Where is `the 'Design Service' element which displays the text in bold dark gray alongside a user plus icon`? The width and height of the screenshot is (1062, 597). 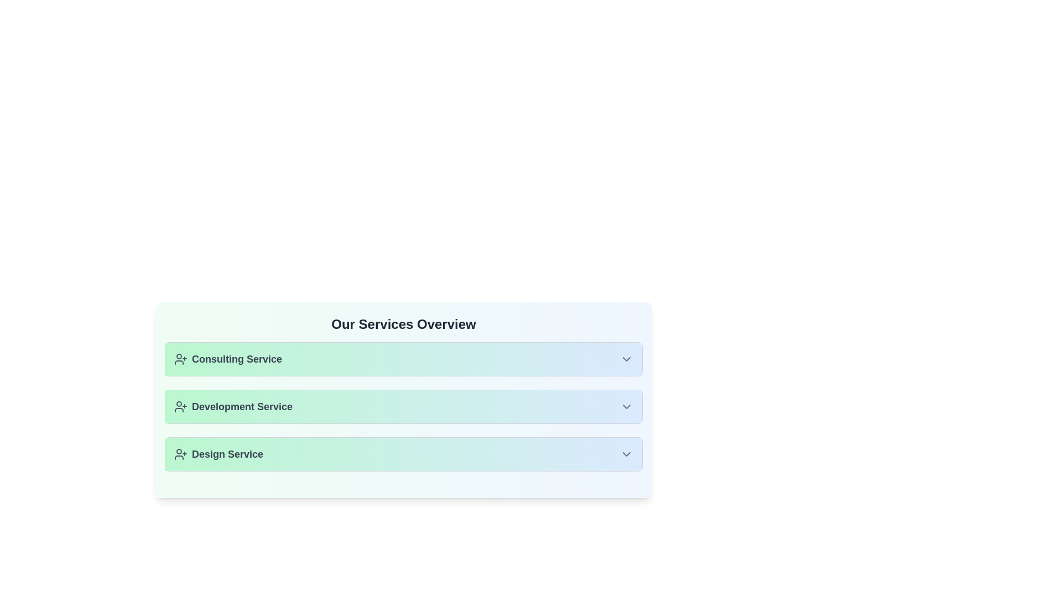
the 'Design Service' element which displays the text in bold dark gray alongside a user plus icon is located at coordinates (218, 454).